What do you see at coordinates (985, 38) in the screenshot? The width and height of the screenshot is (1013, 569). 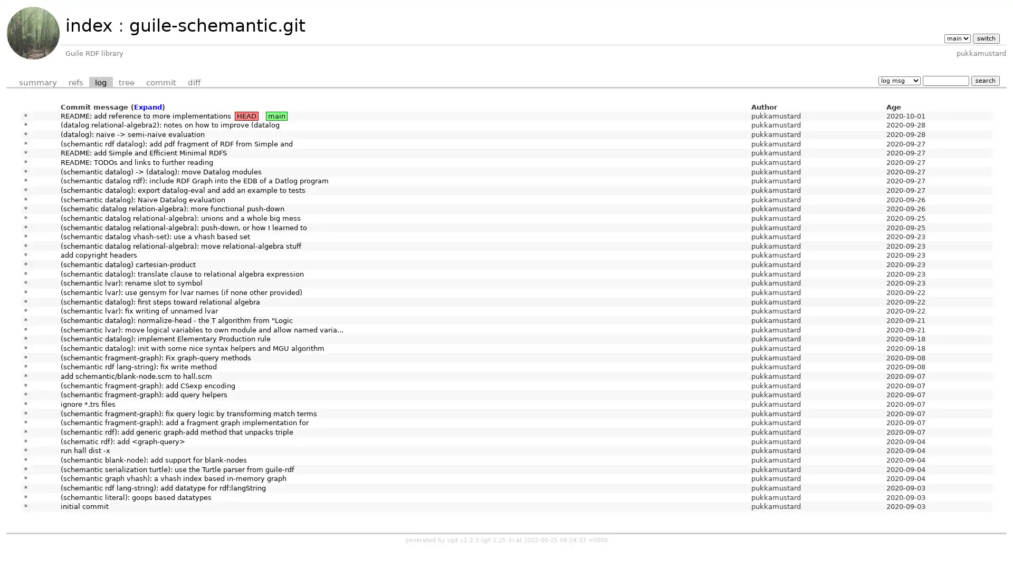 I see `switch` at bounding box center [985, 38].